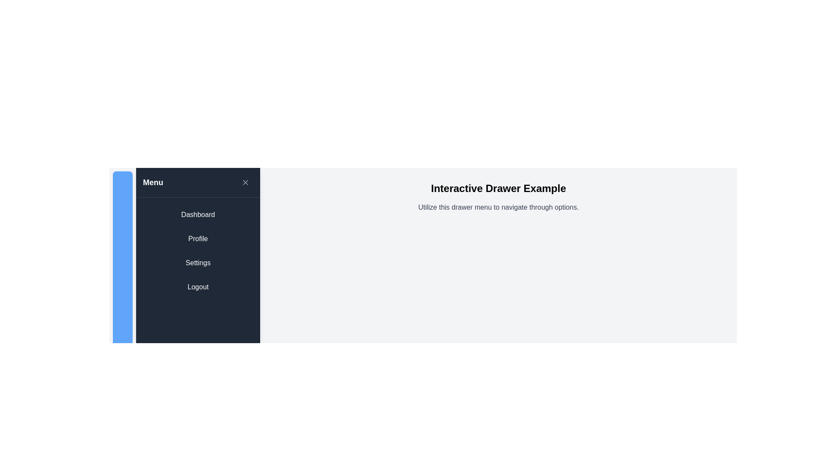 The height and width of the screenshot is (465, 827). What do you see at coordinates (153, 182) in the screenshot?
I see `the 'Menu' label, which is a bold, white text on a dark blue background located in the top-left section of the vertical navigation panel` at bounding box center [153, 182].